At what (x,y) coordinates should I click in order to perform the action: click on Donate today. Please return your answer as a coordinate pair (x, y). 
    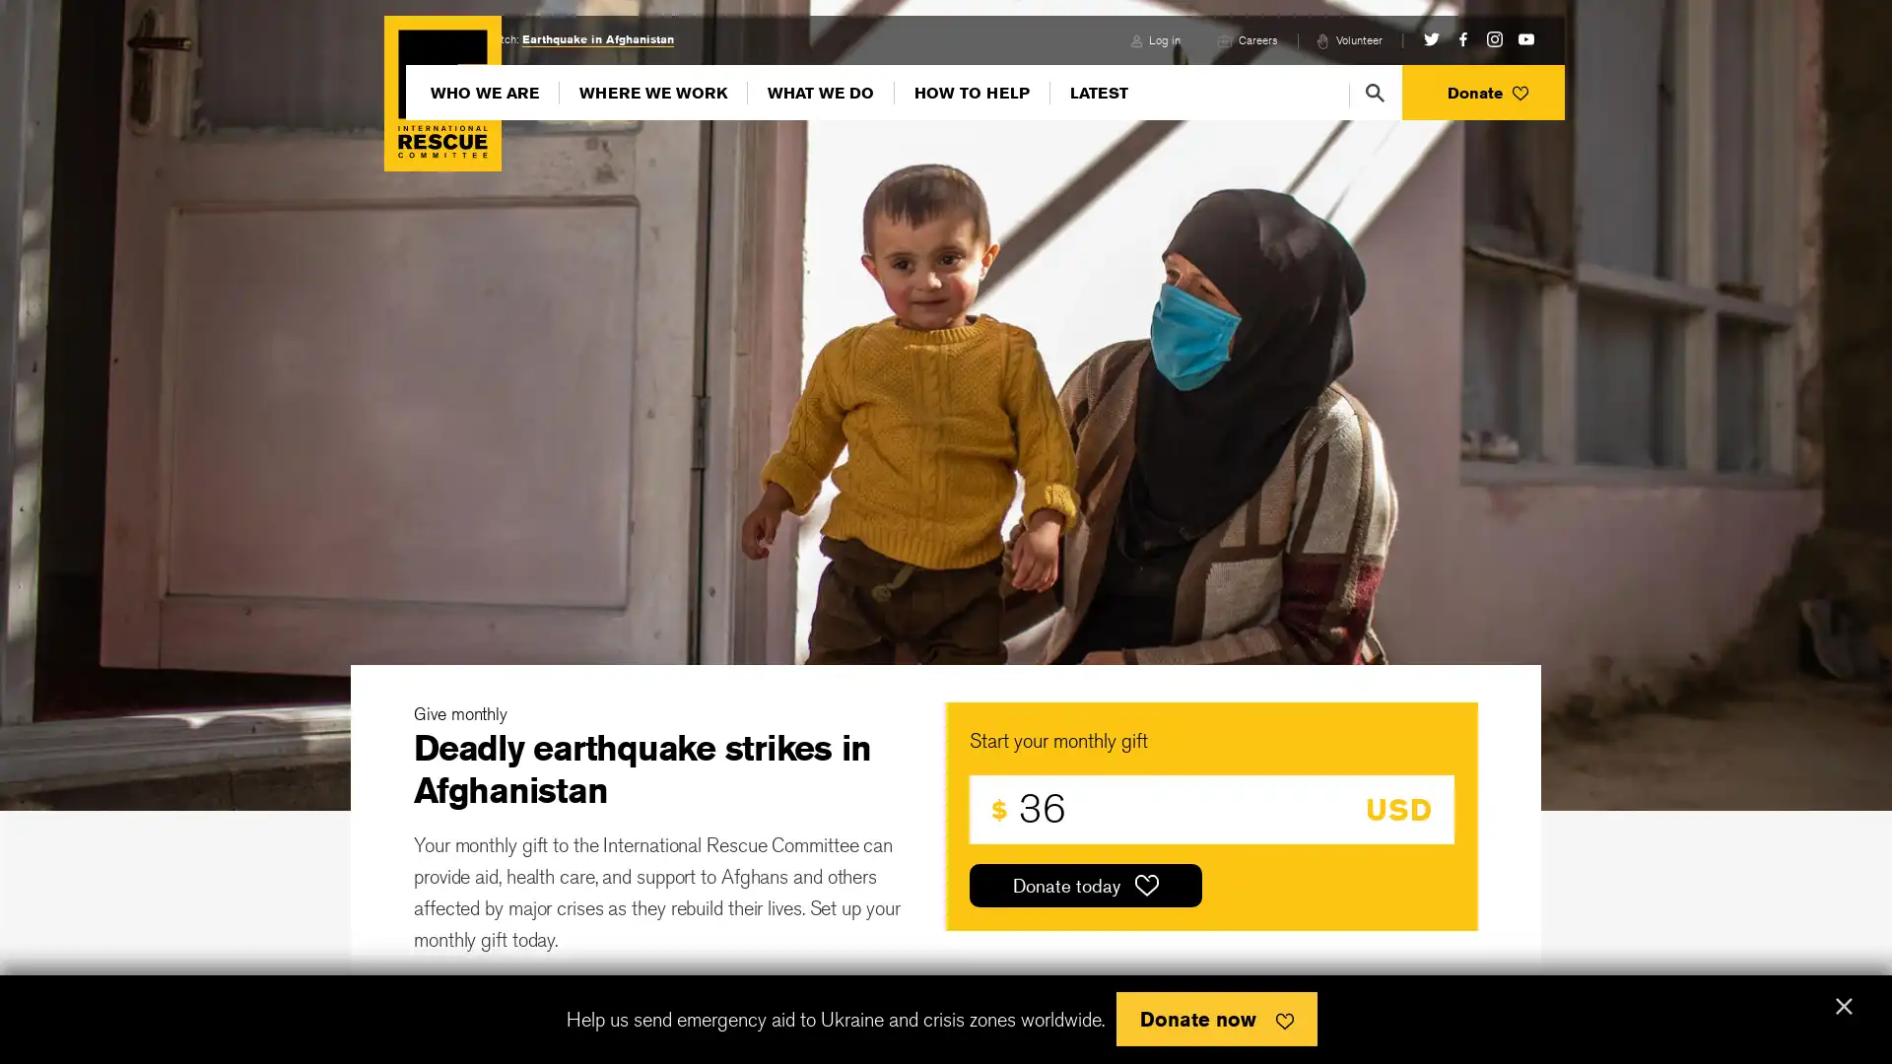
    Looking at the image, I should click on (1085, 884).